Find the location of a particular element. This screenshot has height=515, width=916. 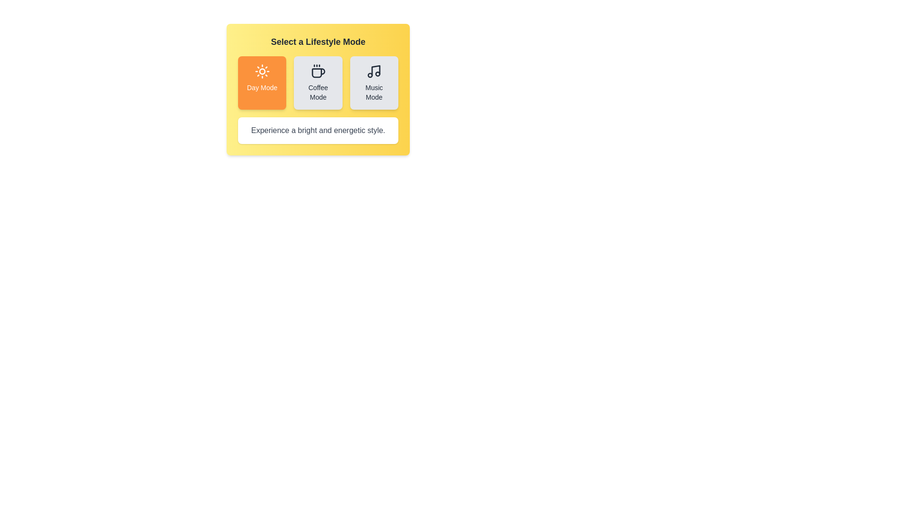

the button corresponding to Day is located at coordinates (262, 82).